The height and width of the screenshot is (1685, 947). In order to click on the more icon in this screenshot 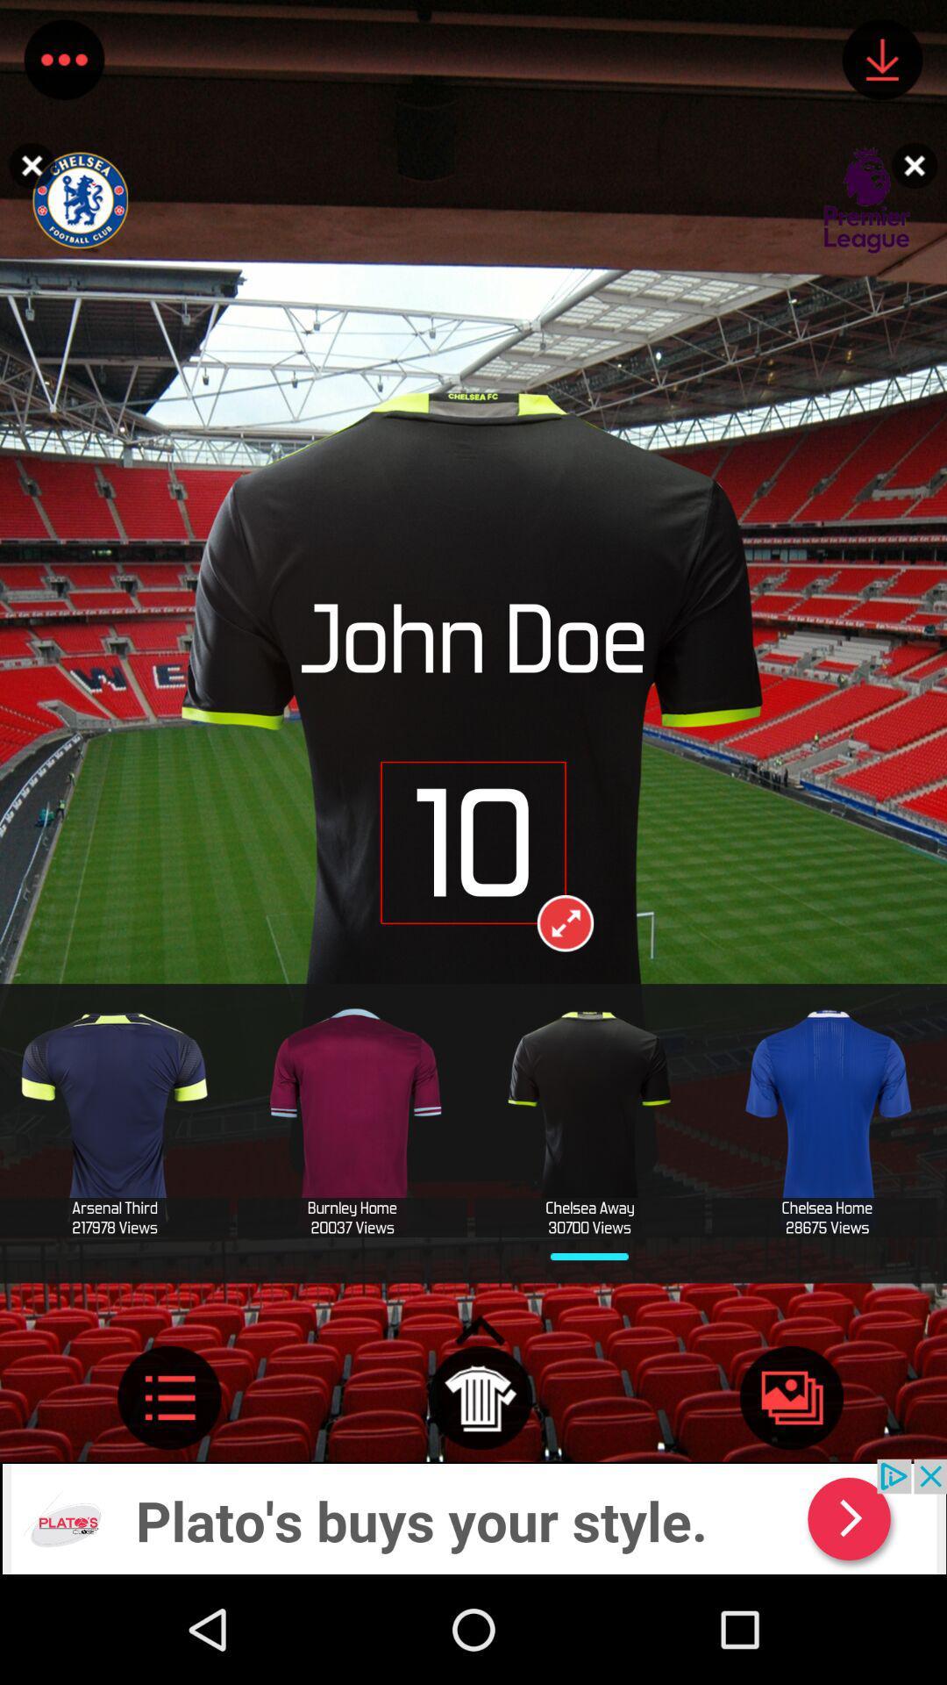, I will do `click(63, 63)`.